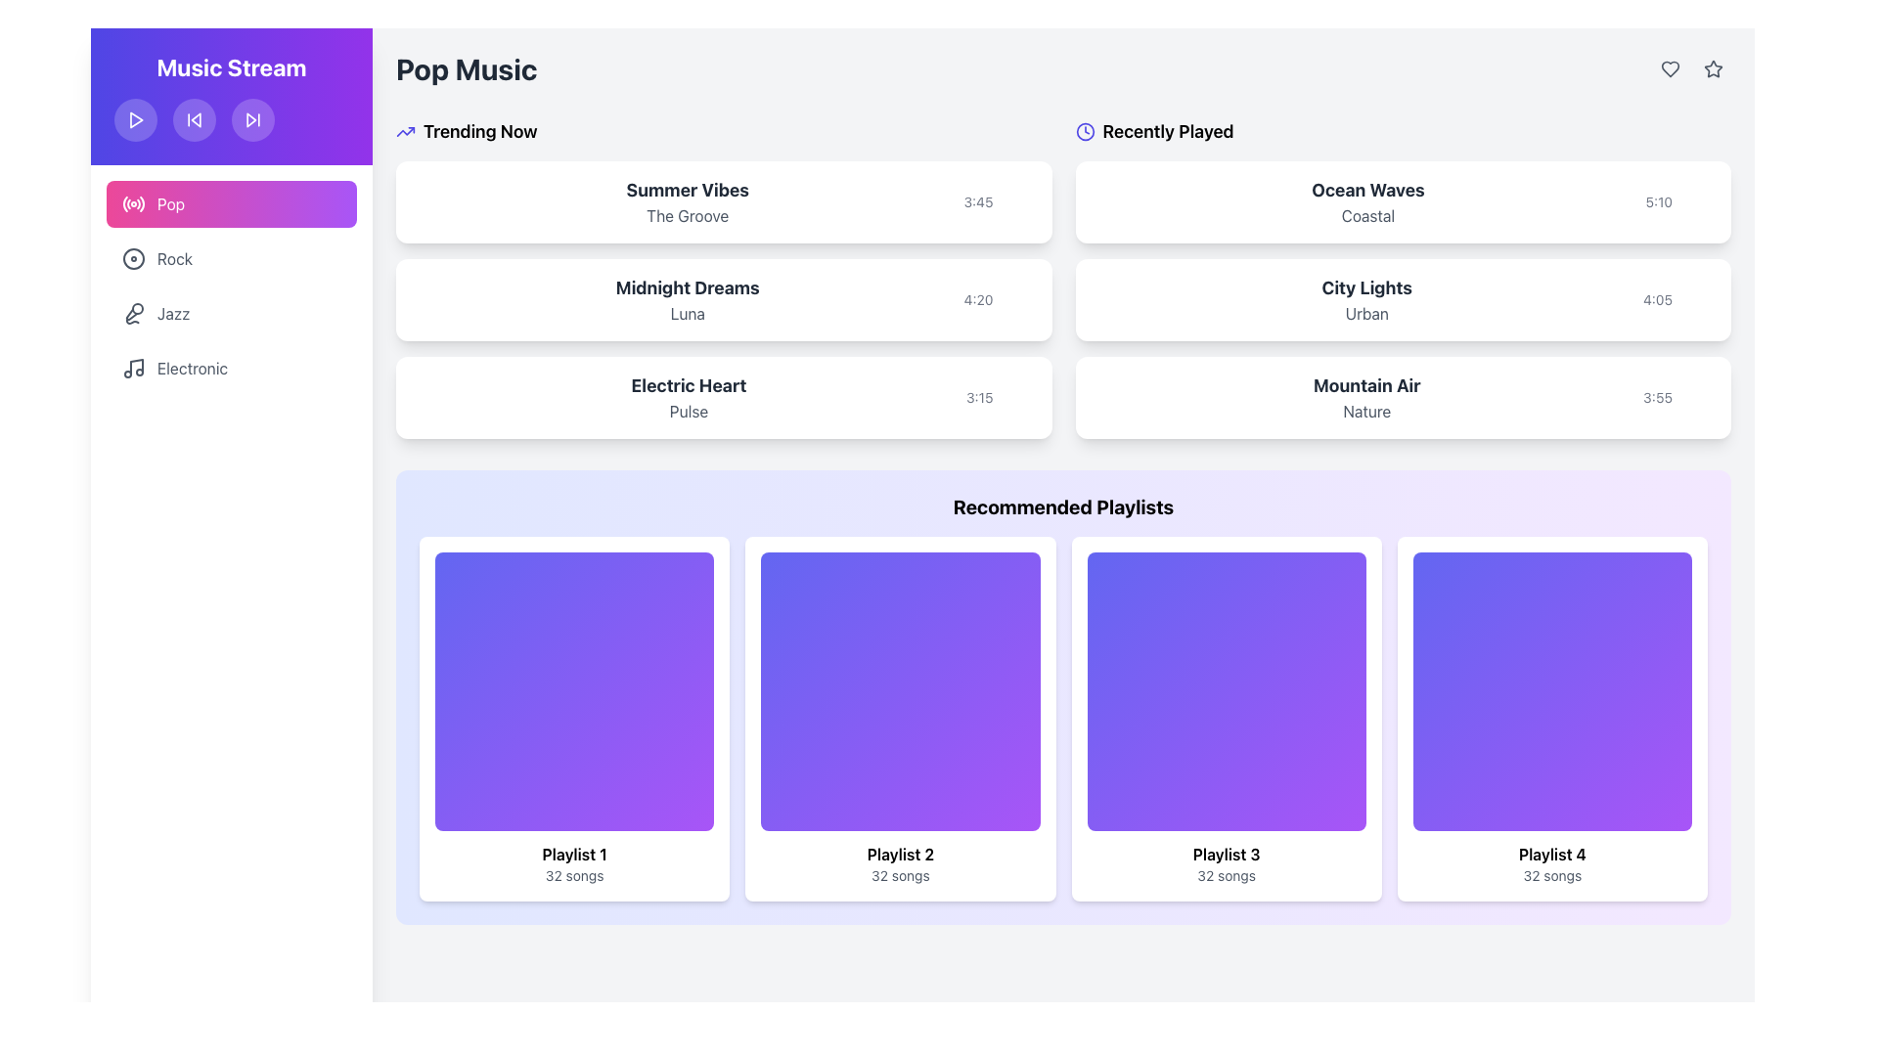  I want to click on the text label displaying 'Mountain Air' in bold, located in the 'Recently Played' section of the interface, so click(1365, 385).